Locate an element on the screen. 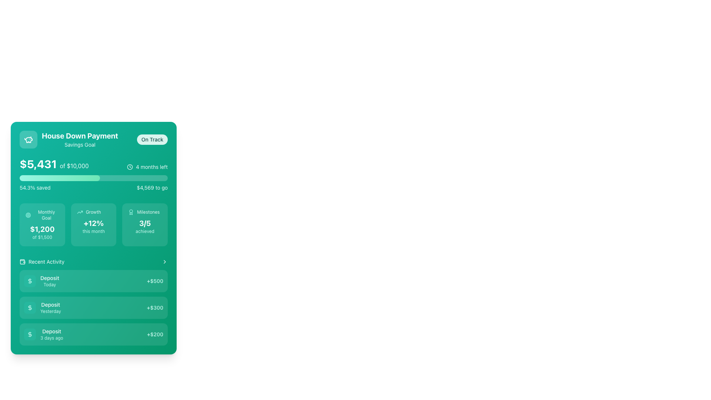 The width and height of the screenshot is (711, 400). the second entry in the 'Recent Activity' section of the financial dashboard, which displays a summary of a deposit transaction labeled 'Deposit Yesterday' with an amount of '+$300', for further details is located at coordinates (93, 307).